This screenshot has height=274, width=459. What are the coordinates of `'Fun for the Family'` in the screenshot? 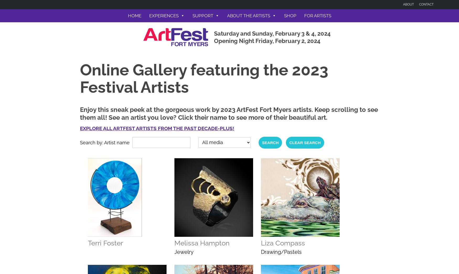 It's located at (166, 57).